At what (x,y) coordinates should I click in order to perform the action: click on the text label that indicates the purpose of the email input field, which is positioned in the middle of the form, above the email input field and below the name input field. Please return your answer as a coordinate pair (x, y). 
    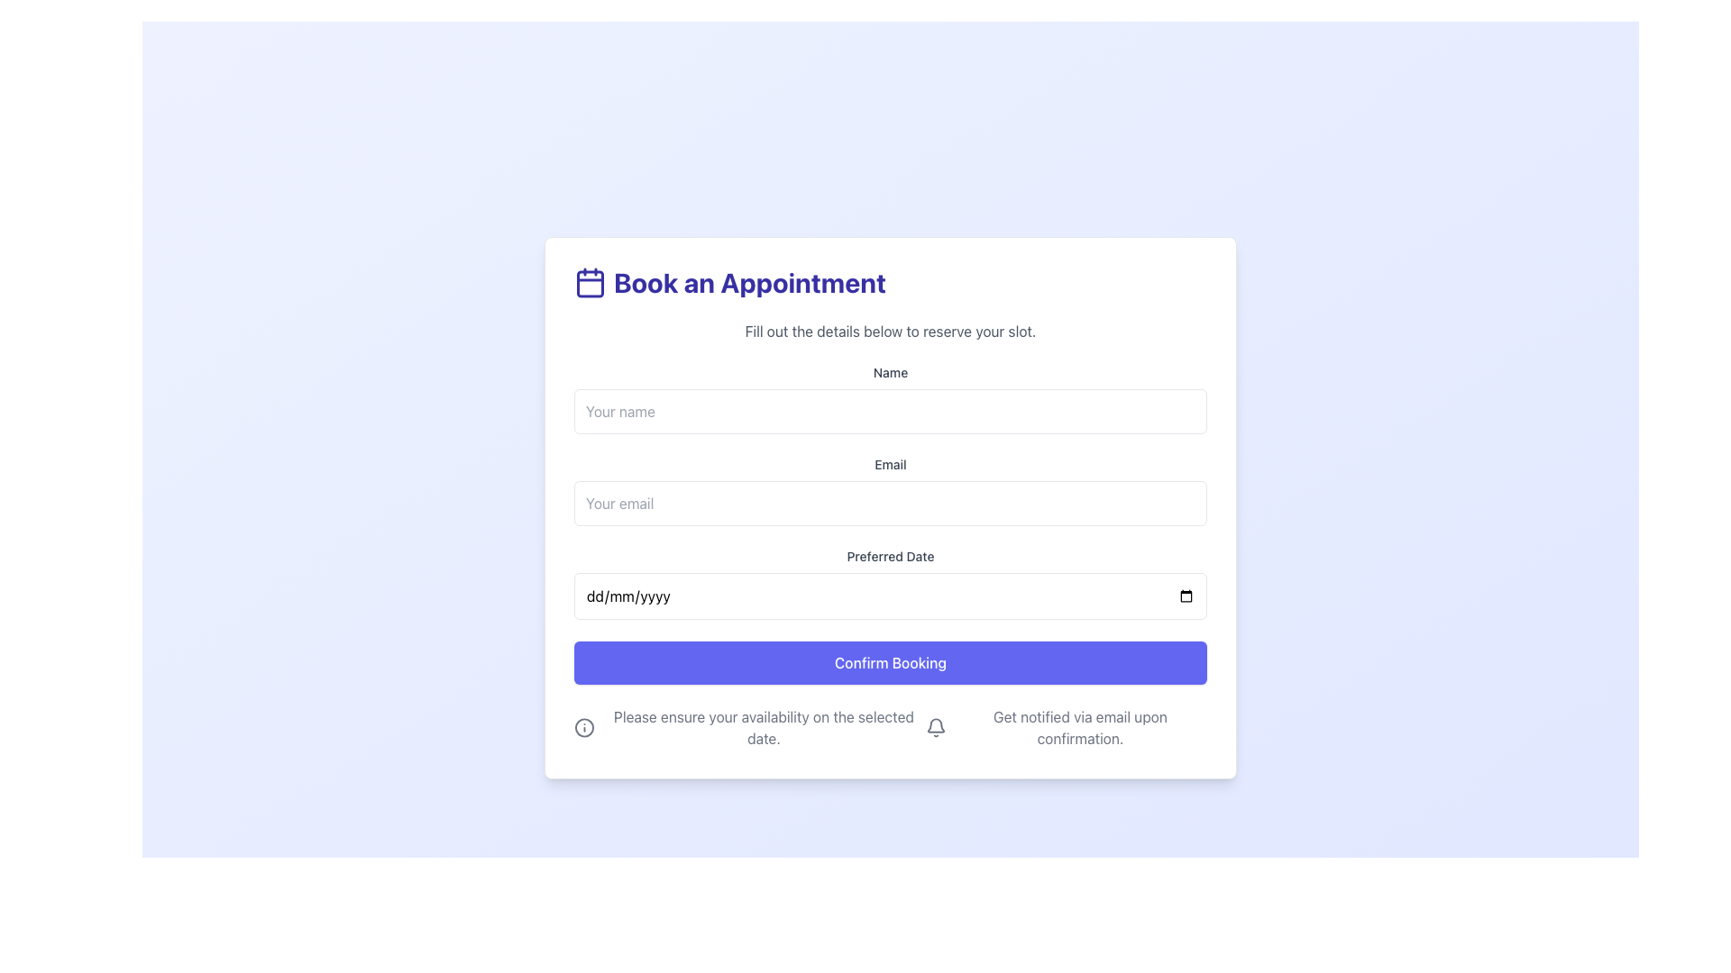
    Looking at the image, I should click on (891, 464).